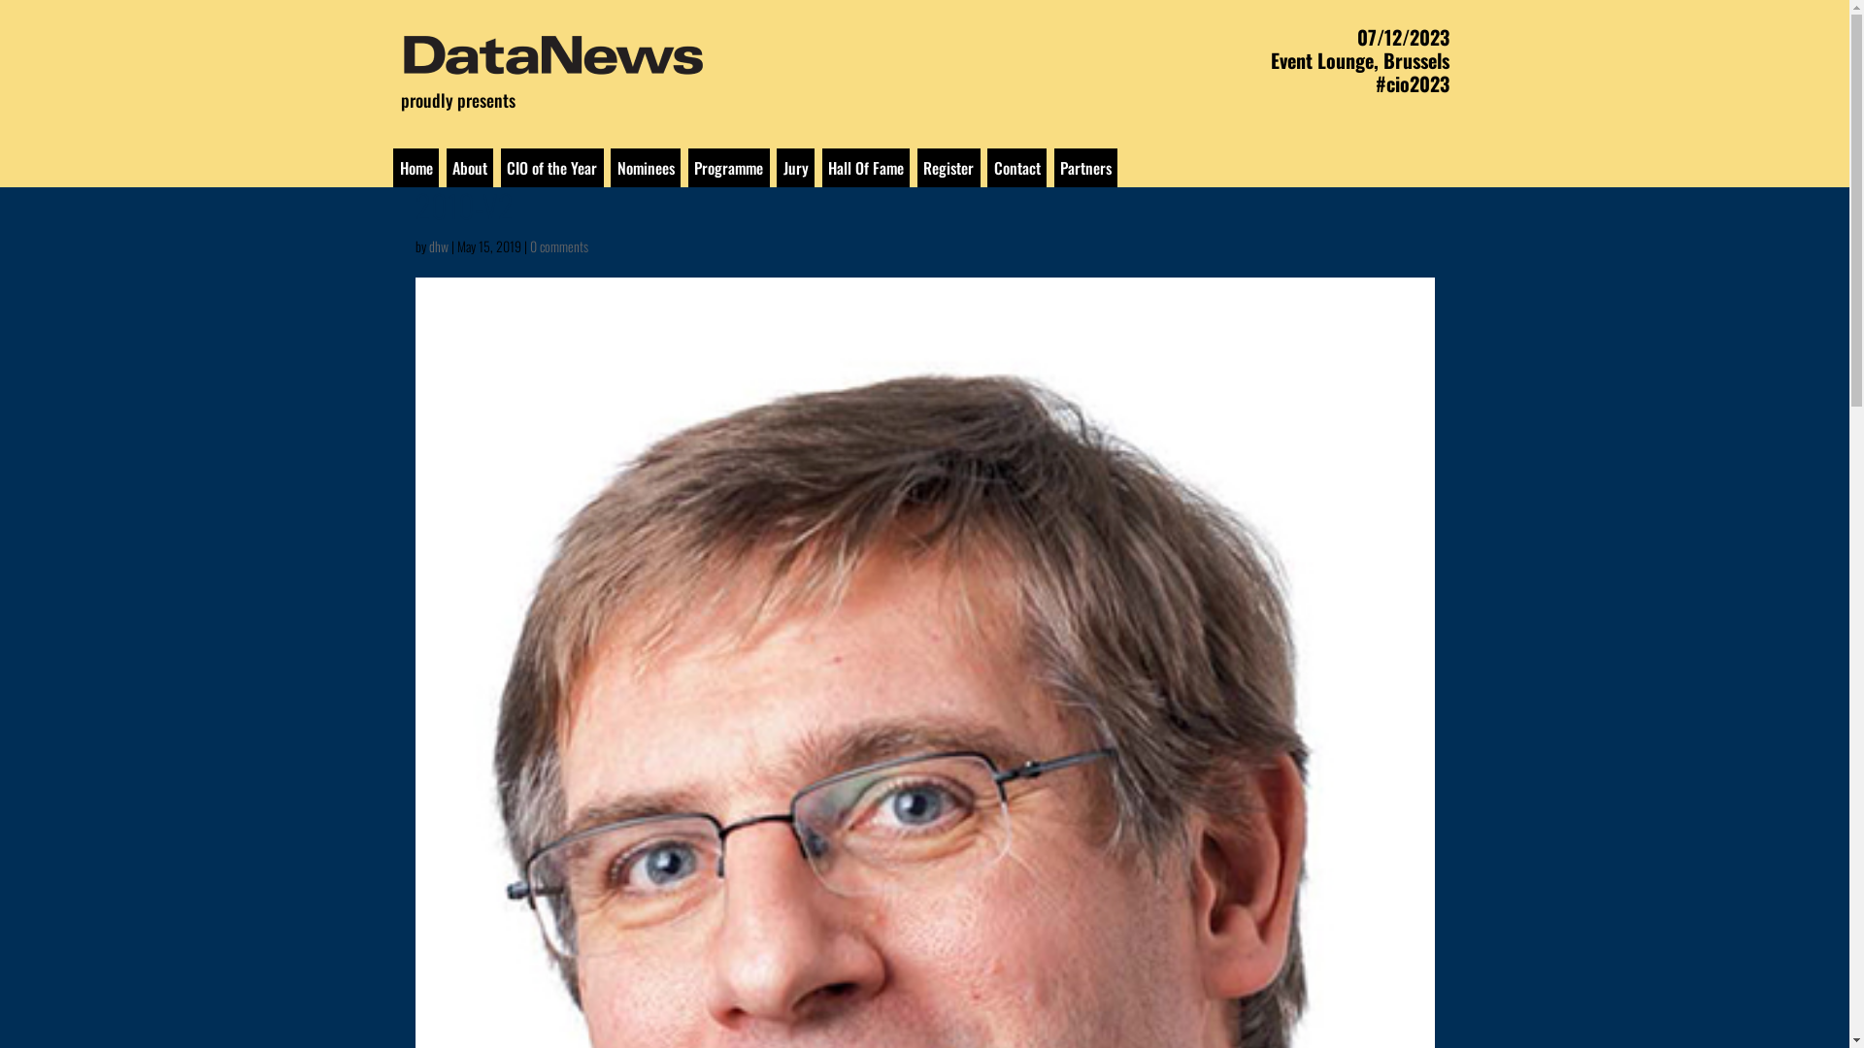 Image resolution: width=1864 pixels, height=1048 pixels. Describe the element at coordinates (551, 167) in the screenshot. I see `'CIO of the Year'` at that location.